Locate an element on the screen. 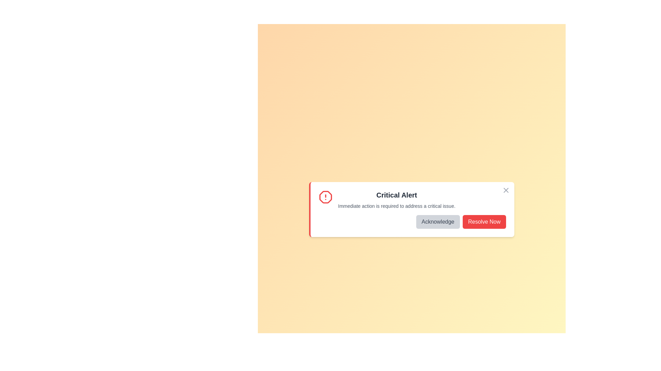 The height and width of the screenshot is (371, 661). 'Resolve Now' button to resolve the issue is located at coordinates (484, 222).